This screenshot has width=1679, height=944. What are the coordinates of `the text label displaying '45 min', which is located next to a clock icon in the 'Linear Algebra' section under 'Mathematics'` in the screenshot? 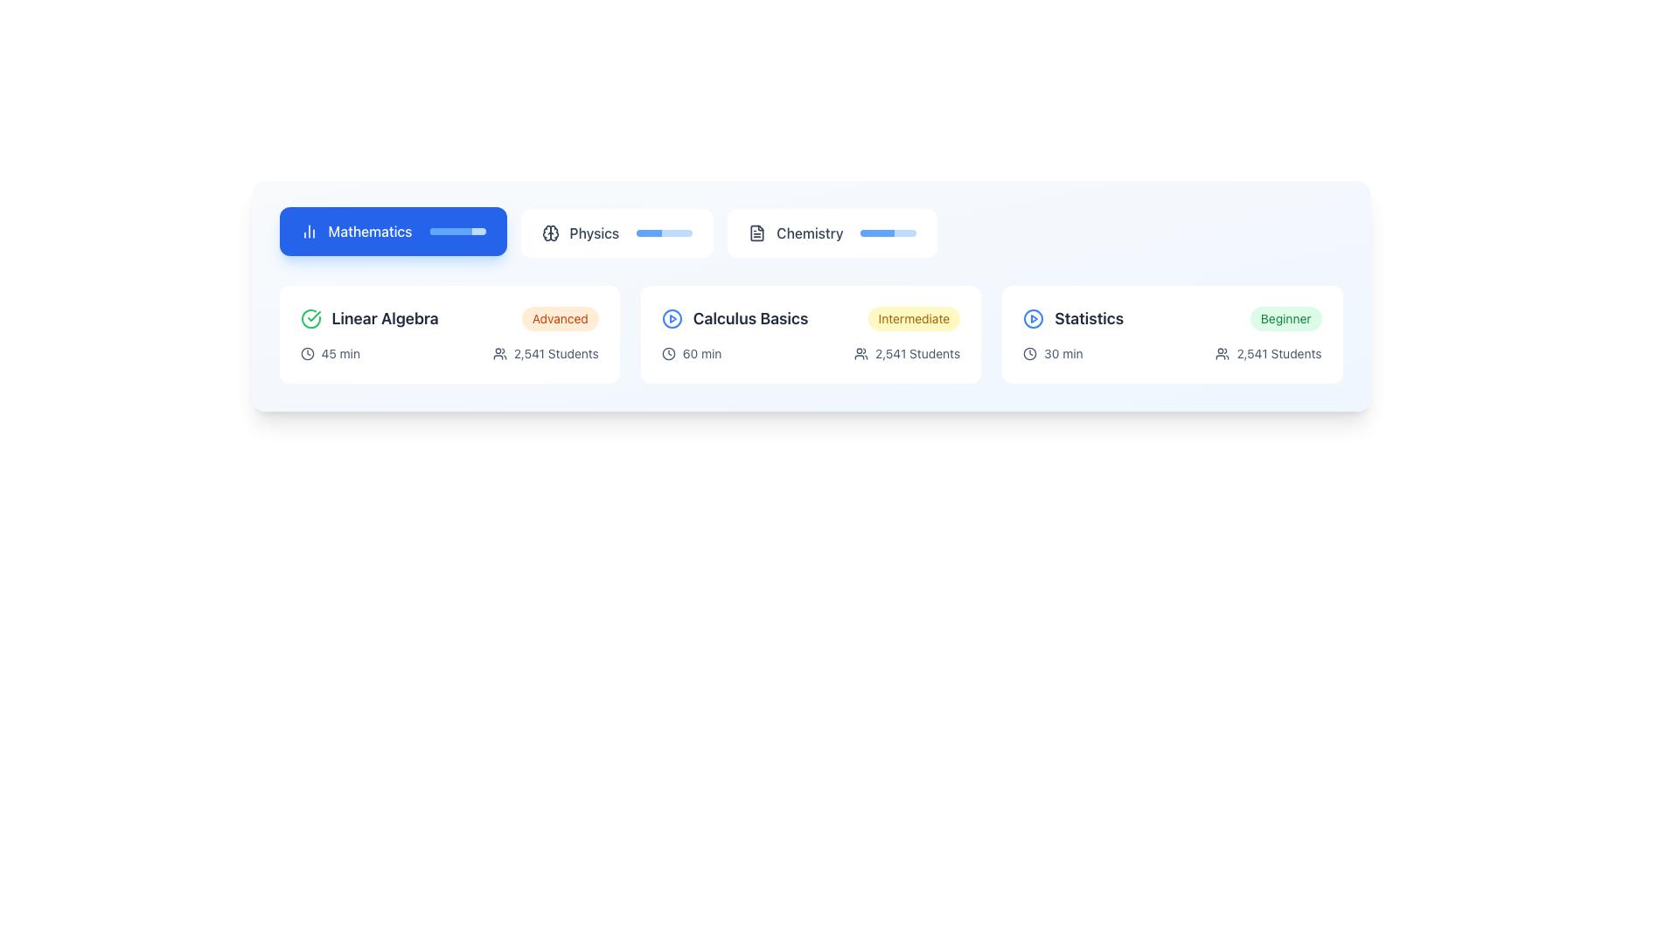 It's located at (340, 354).